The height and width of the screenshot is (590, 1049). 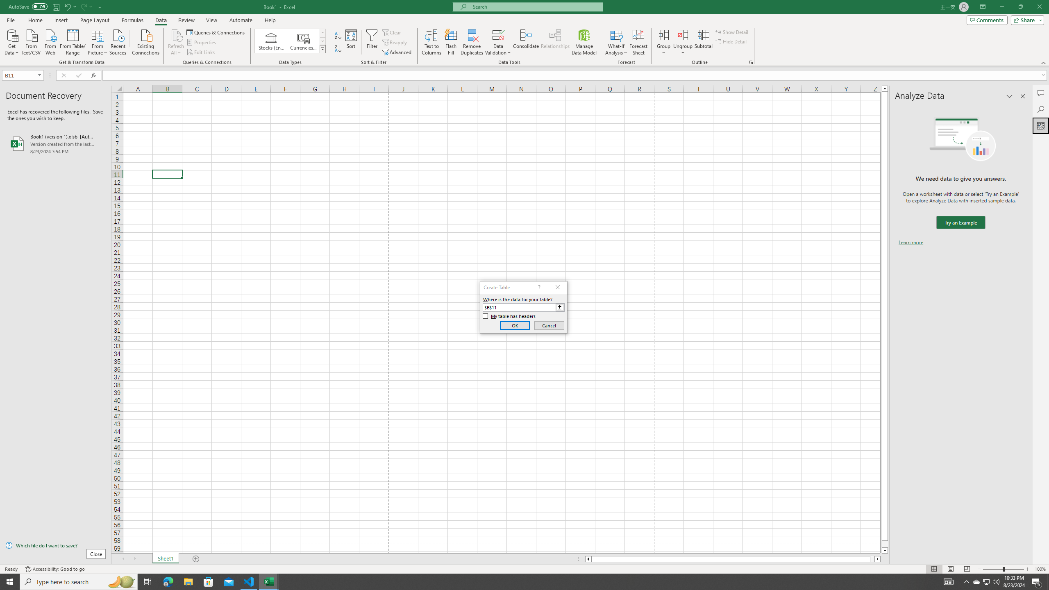 What do you see at coordinates (472, 42) in the screenshot?
I see `'Remove Duplicates'` at bounding box center [472, 42].